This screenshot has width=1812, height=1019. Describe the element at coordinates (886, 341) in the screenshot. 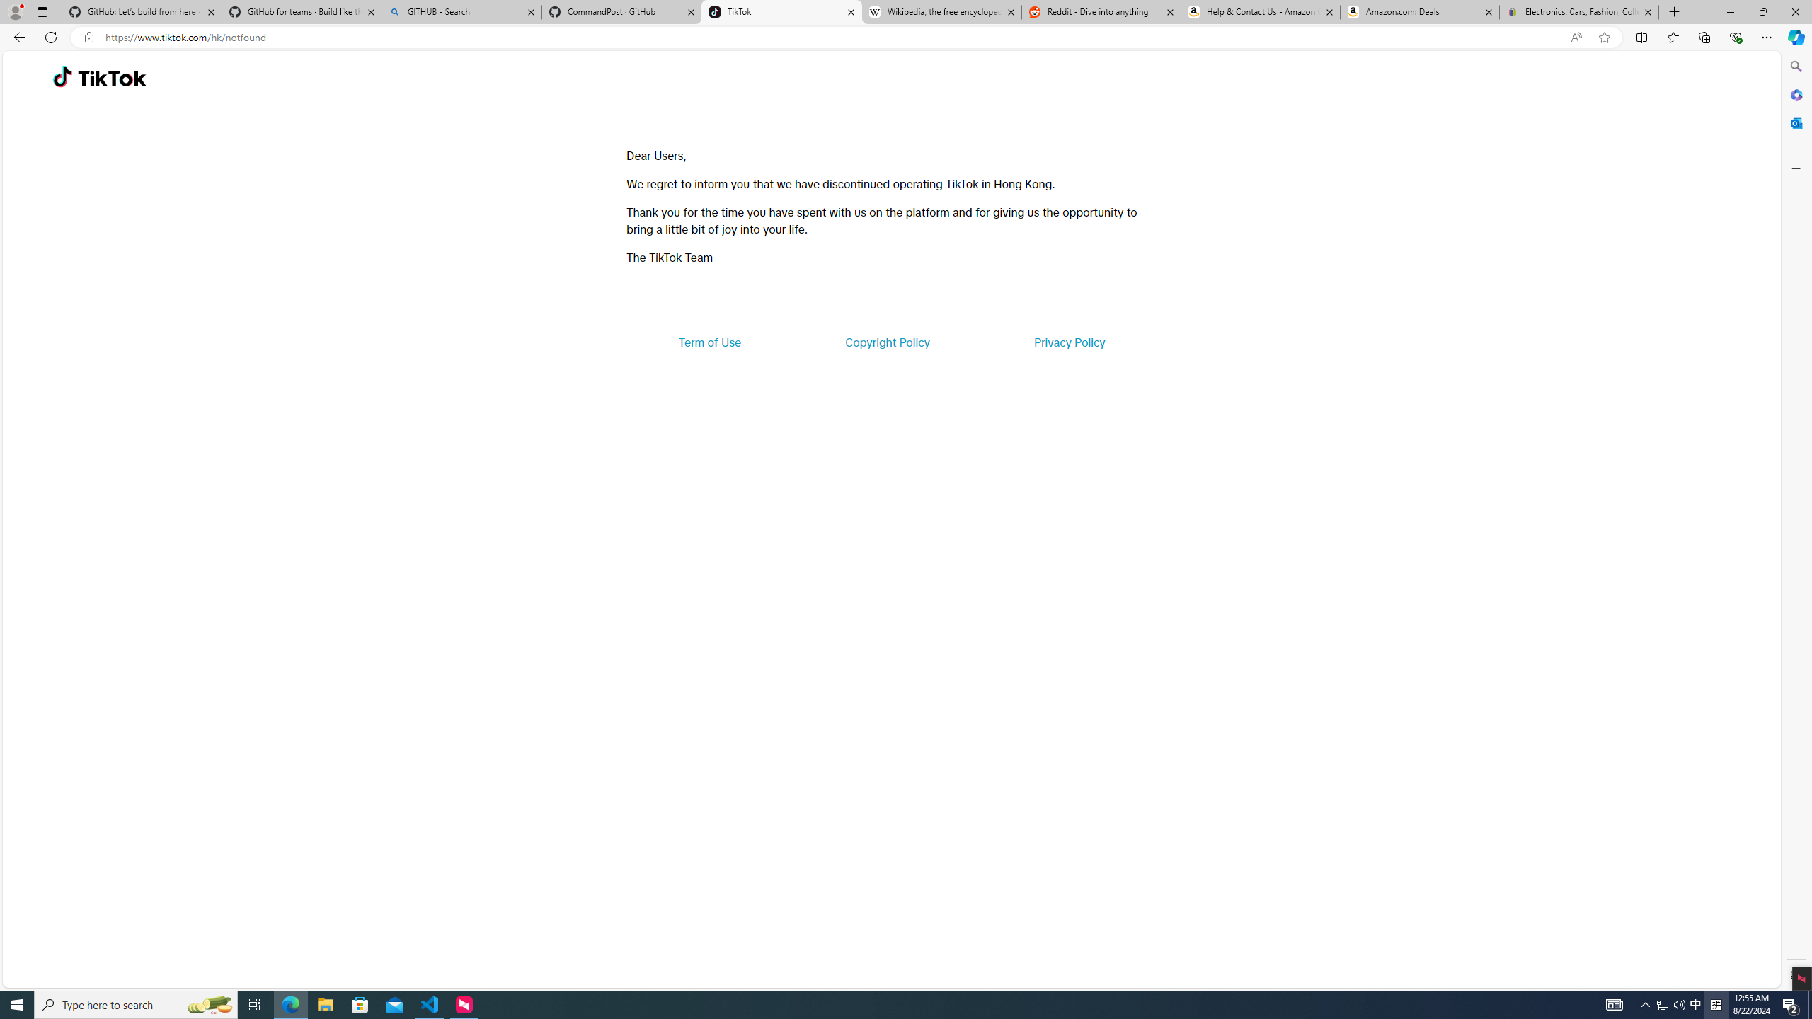

I see `'Copyright Policy'` at that location.